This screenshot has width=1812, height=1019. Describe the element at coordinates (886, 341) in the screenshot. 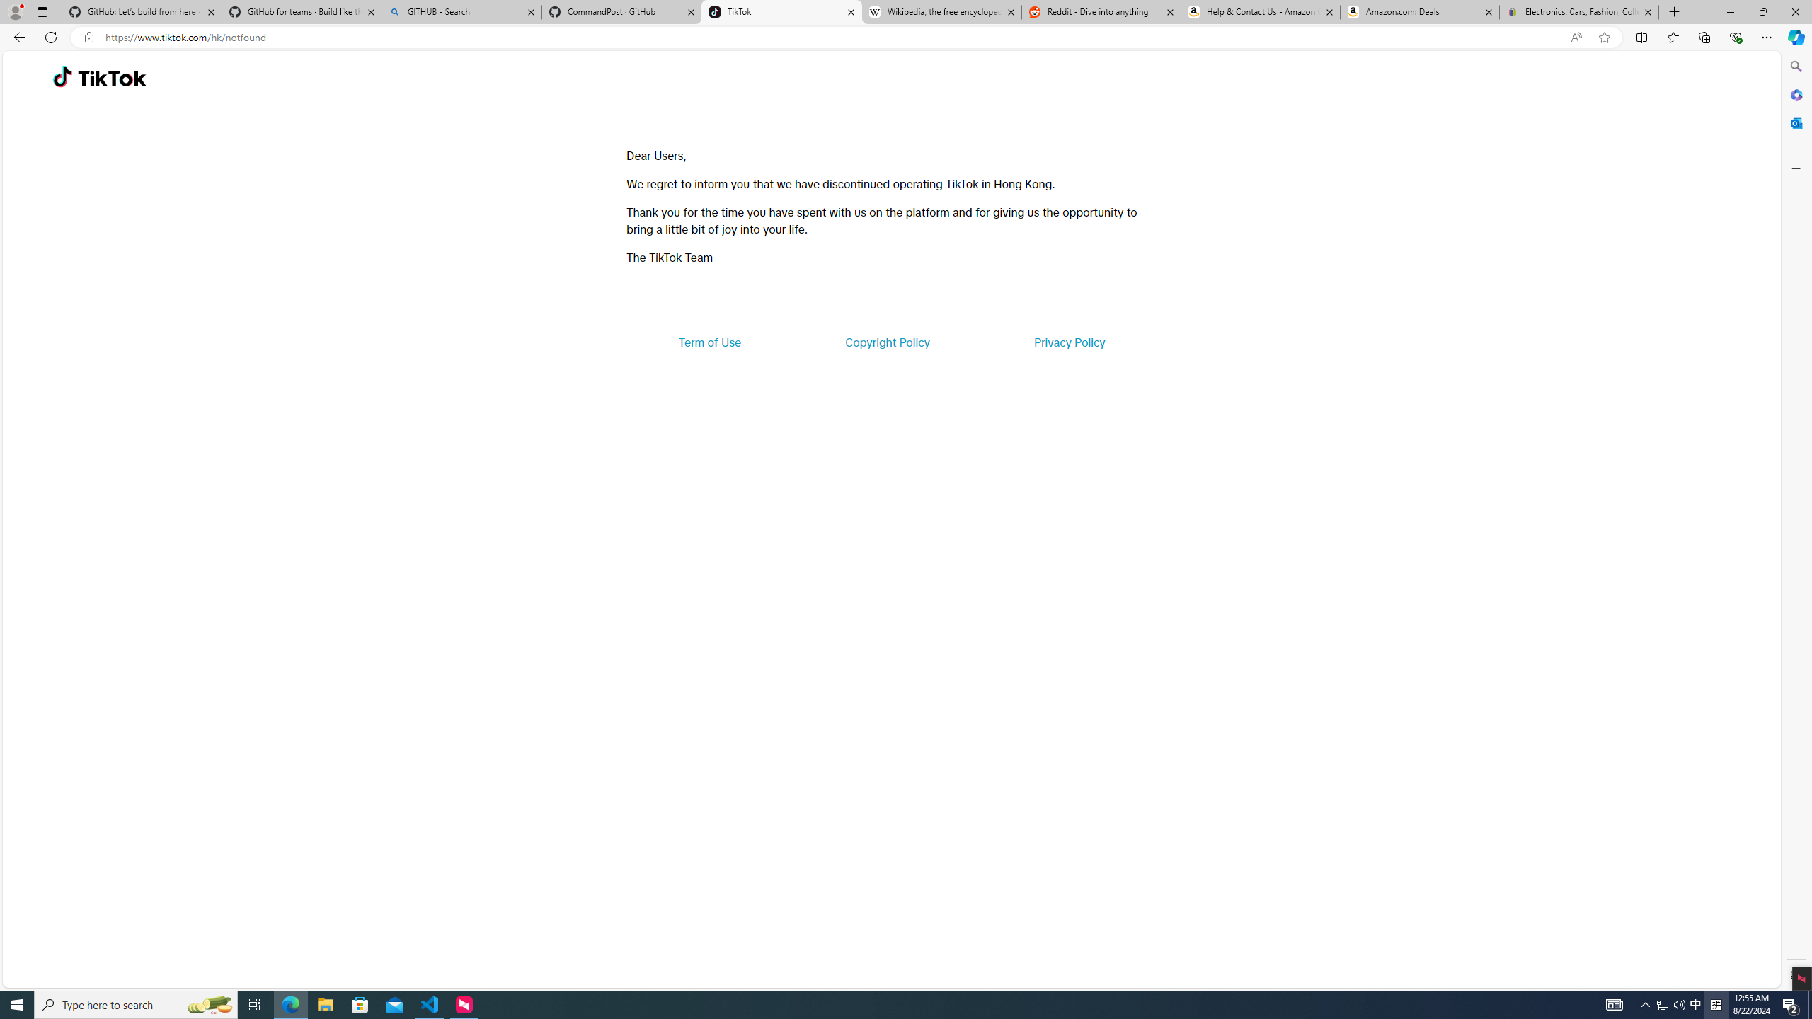

I see `'Copyright Policy'` at that location.